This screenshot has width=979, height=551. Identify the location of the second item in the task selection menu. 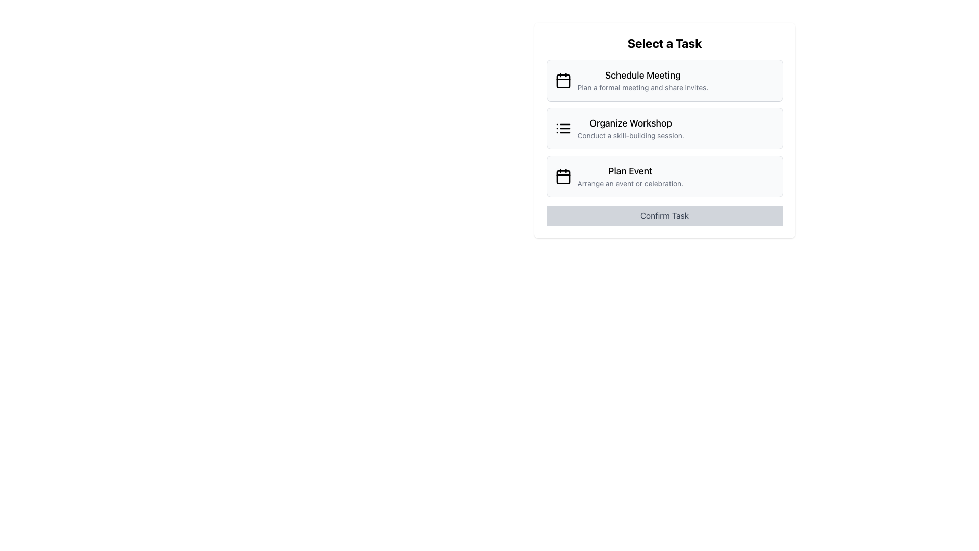
(630, 128).